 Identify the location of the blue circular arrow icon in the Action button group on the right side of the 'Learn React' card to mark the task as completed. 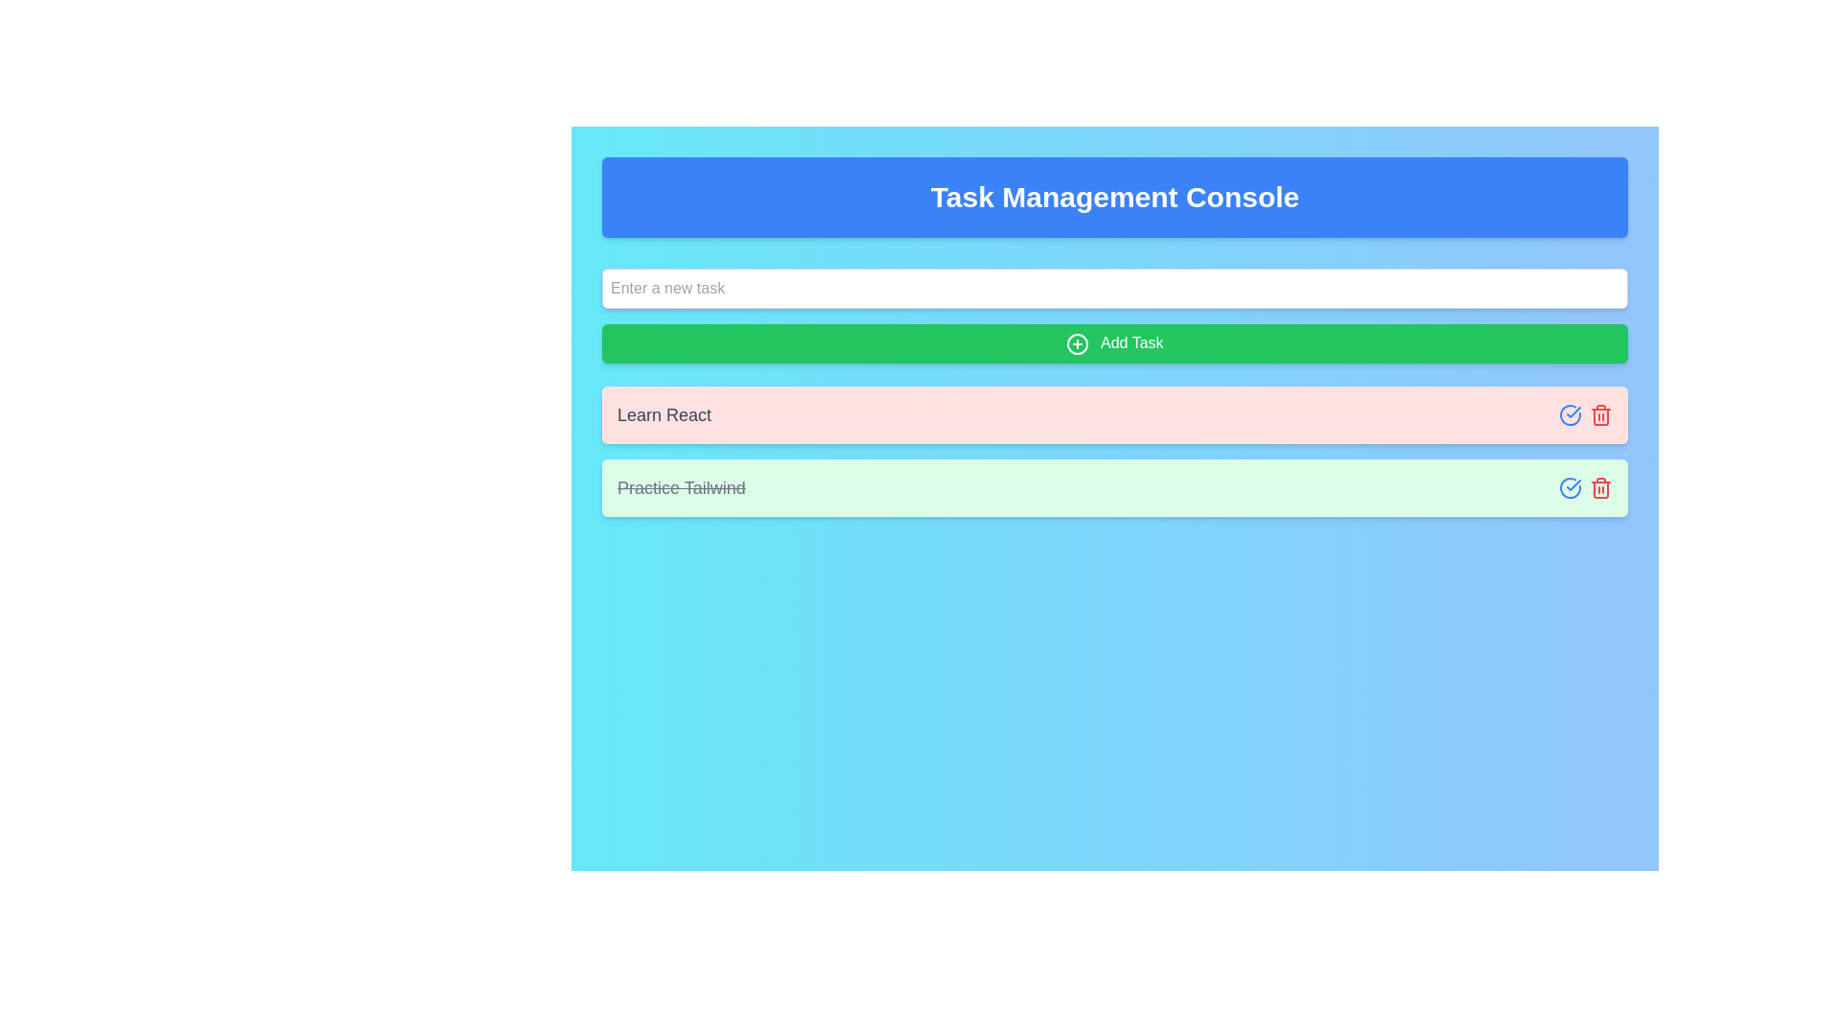
(1586, 413).